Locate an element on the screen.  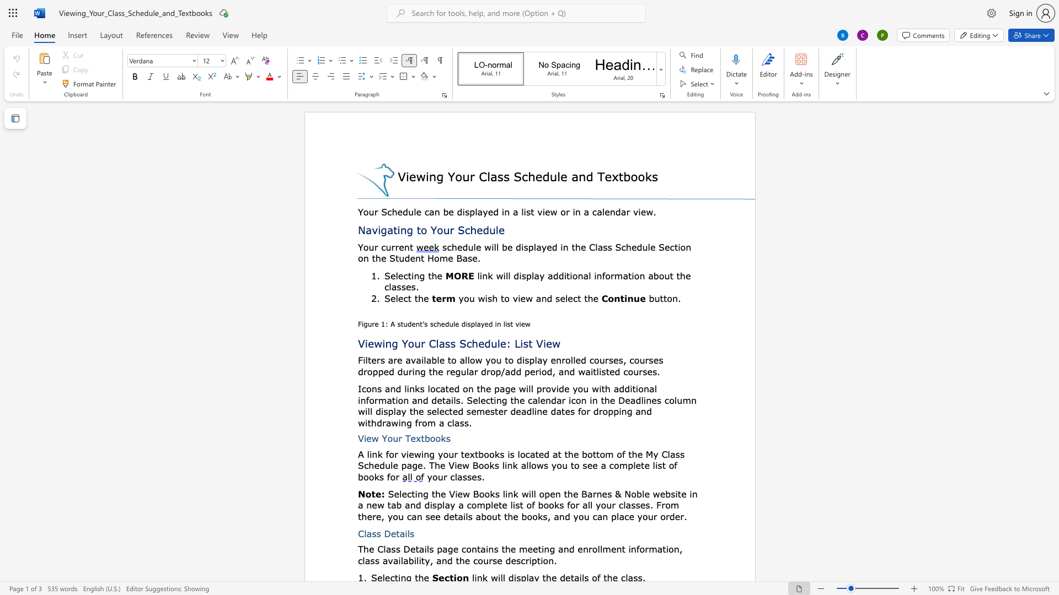
the 1th character "t" in the text is located at coordinates (411, 246).